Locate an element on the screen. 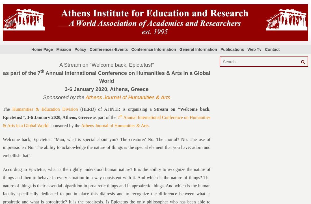  'Welcome back, Epictetus! “Man, what is special about you? The creature? No. The mortal? No. The use of impressions? No. The ability to acknowledge the nature of things is the special element that you have: adorn and embellish that”.' is located at coordinates (106, 147).